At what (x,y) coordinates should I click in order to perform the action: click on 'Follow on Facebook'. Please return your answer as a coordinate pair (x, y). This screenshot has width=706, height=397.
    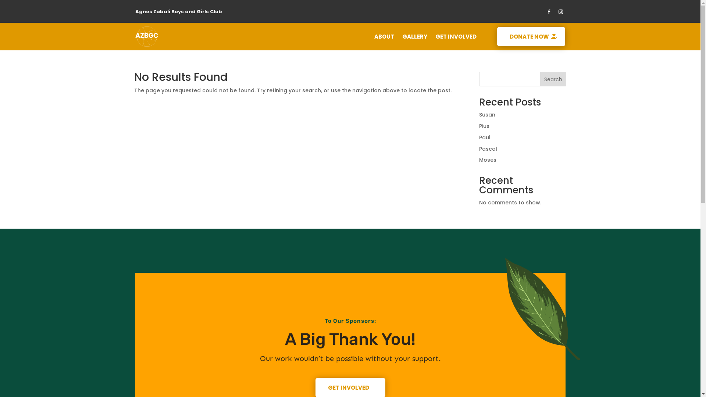
    Looking at the image, I should click on (549, 11).